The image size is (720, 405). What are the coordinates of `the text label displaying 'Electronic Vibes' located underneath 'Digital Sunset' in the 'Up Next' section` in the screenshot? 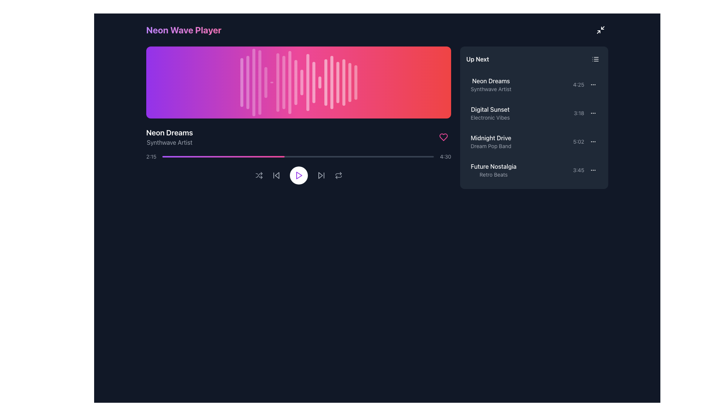 It's located at (490, 117).